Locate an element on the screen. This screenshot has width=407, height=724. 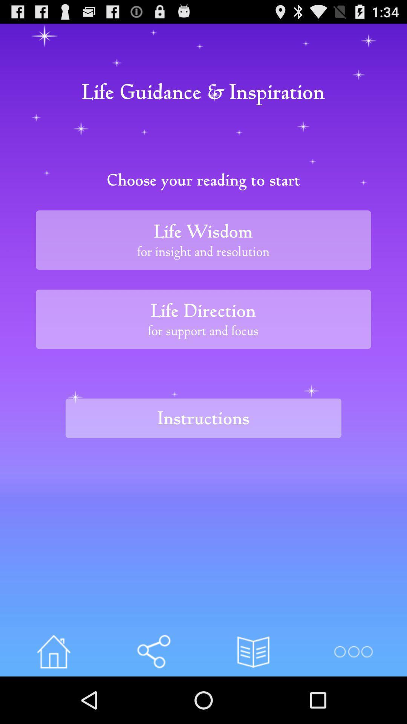
share article is located at coordinates (153, 651).